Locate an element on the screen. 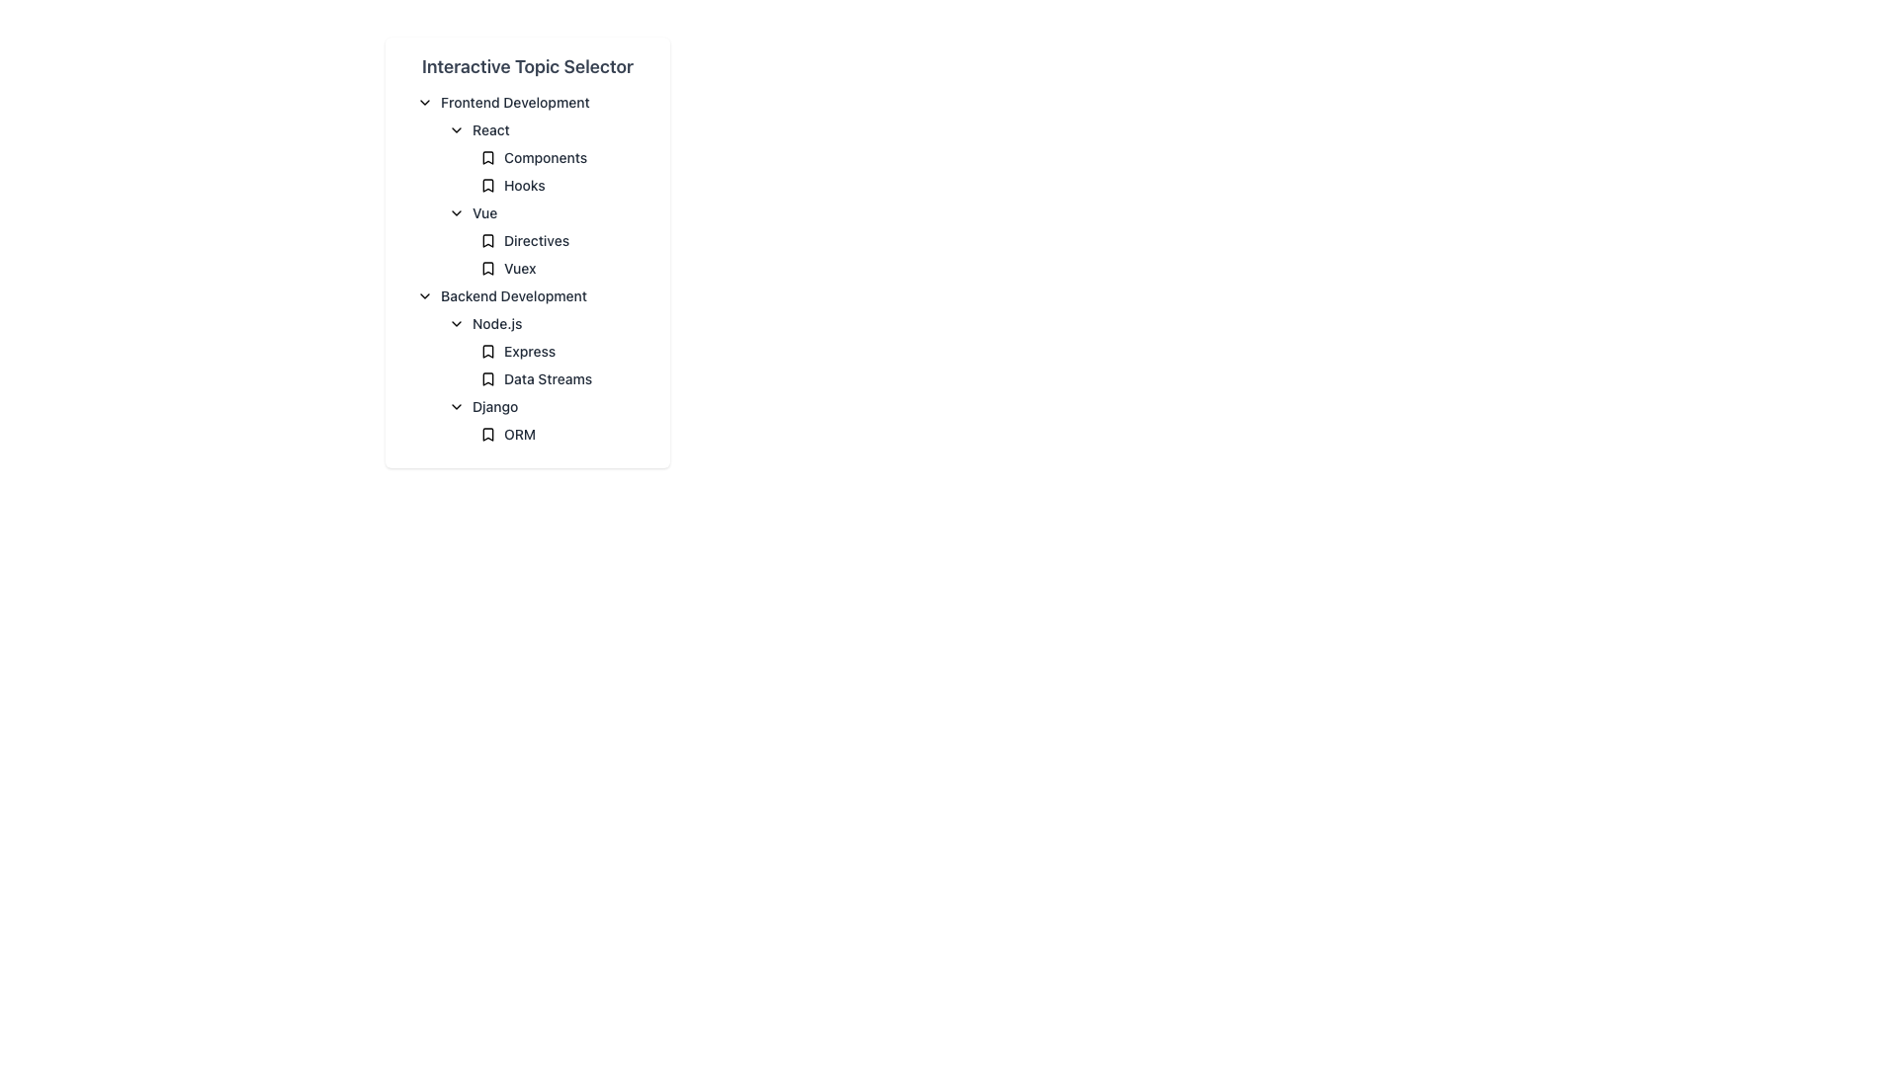 Image resolution: width=1898 pixels, height=1067 pixels. the downward-pointing chevron icon used for expanding or collapsing items in the 'Backend Development' section, located to the left of the text 'Node.js' is located at coordinates (455, 322).